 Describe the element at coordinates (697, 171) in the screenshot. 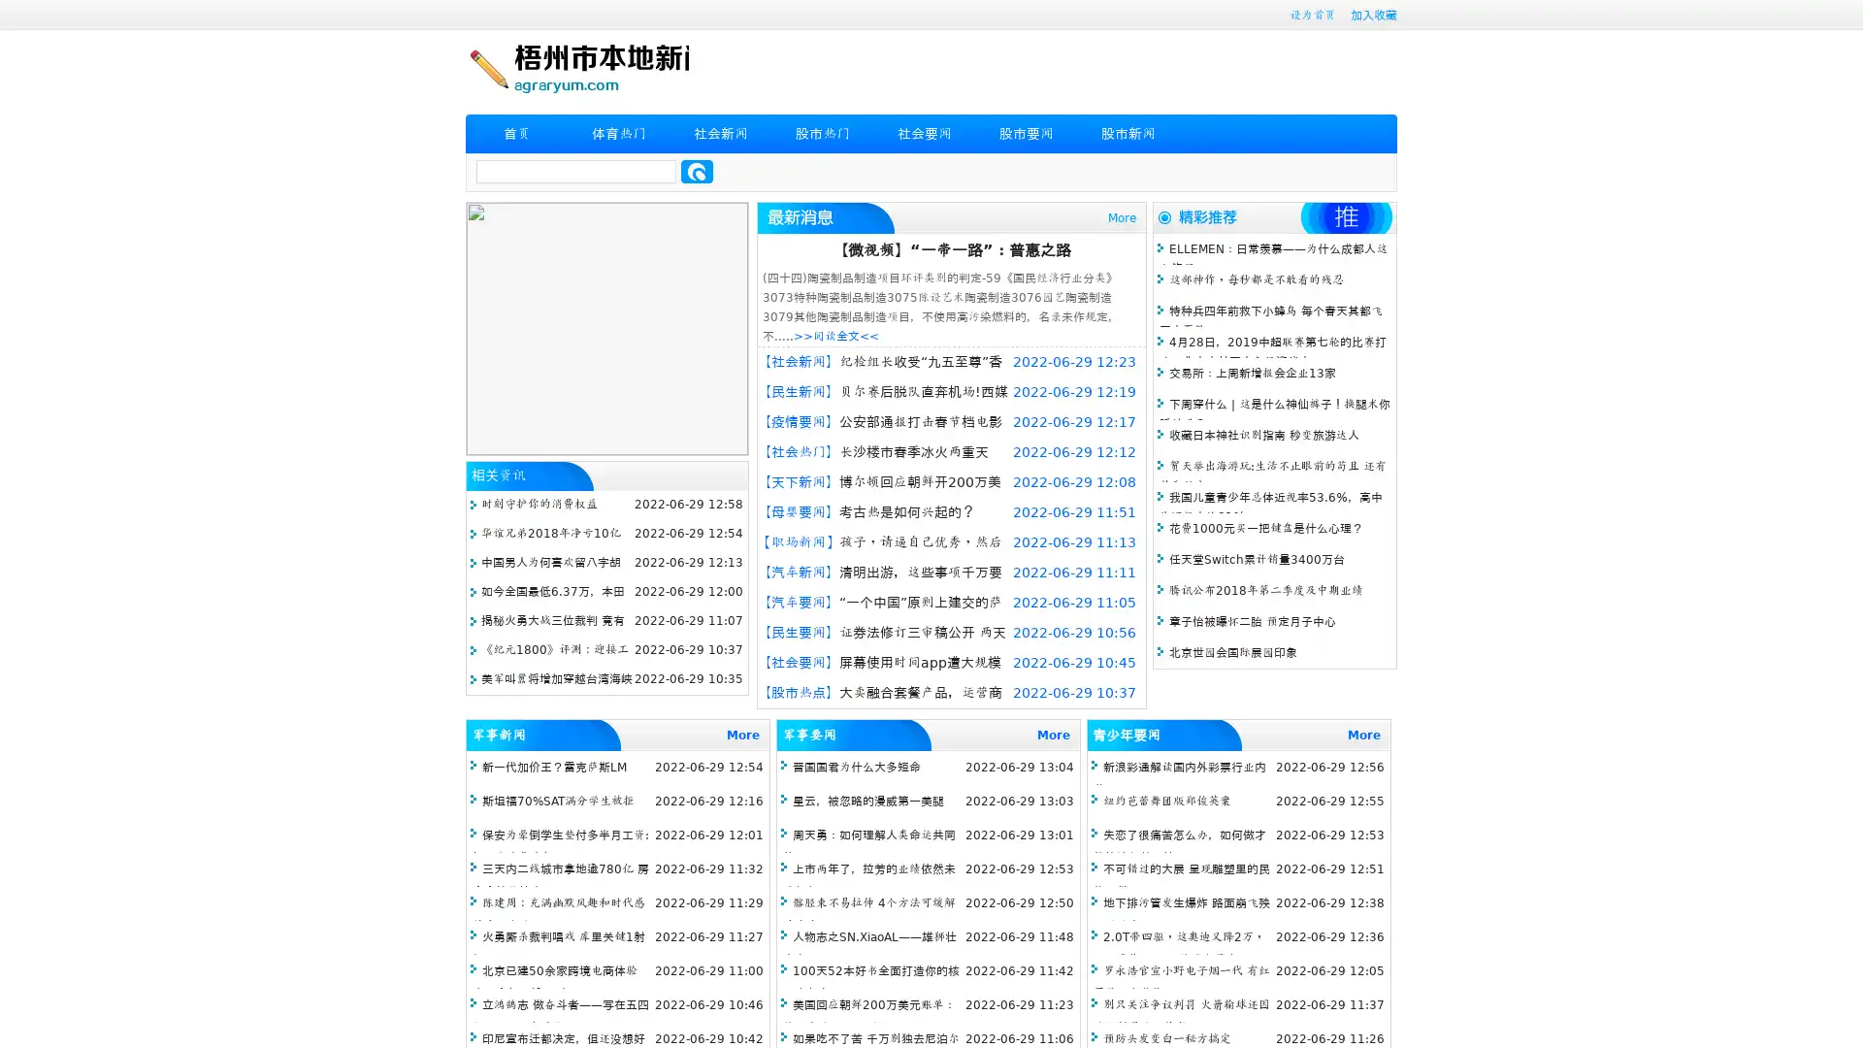

I see `Search` at that location.